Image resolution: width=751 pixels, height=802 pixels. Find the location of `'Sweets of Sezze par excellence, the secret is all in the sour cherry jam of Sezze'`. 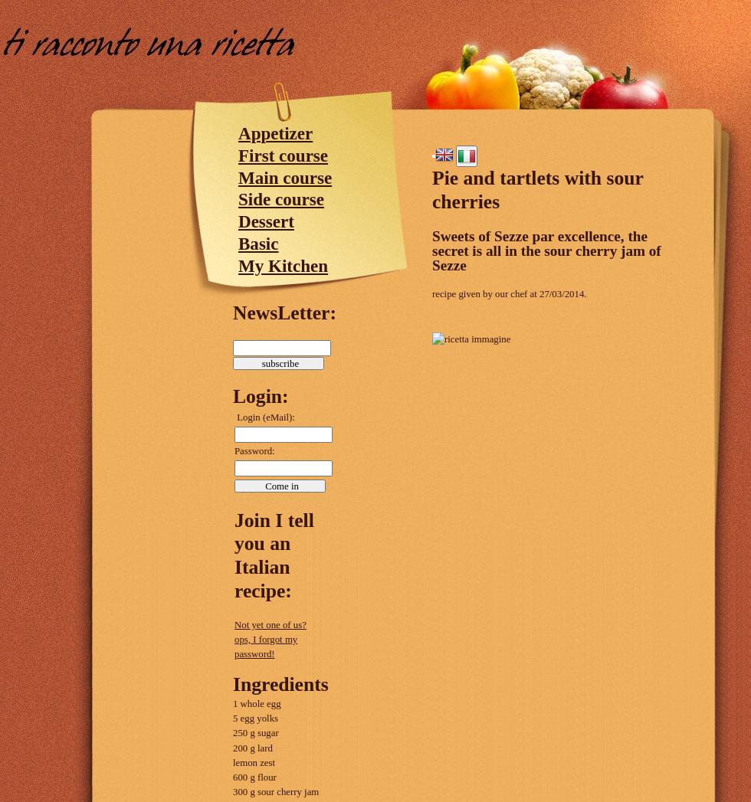

'Sweets of Sezze par excellence, the secret is all in the sour cherry jam of Sezze' is located at coordinates (546, 249).